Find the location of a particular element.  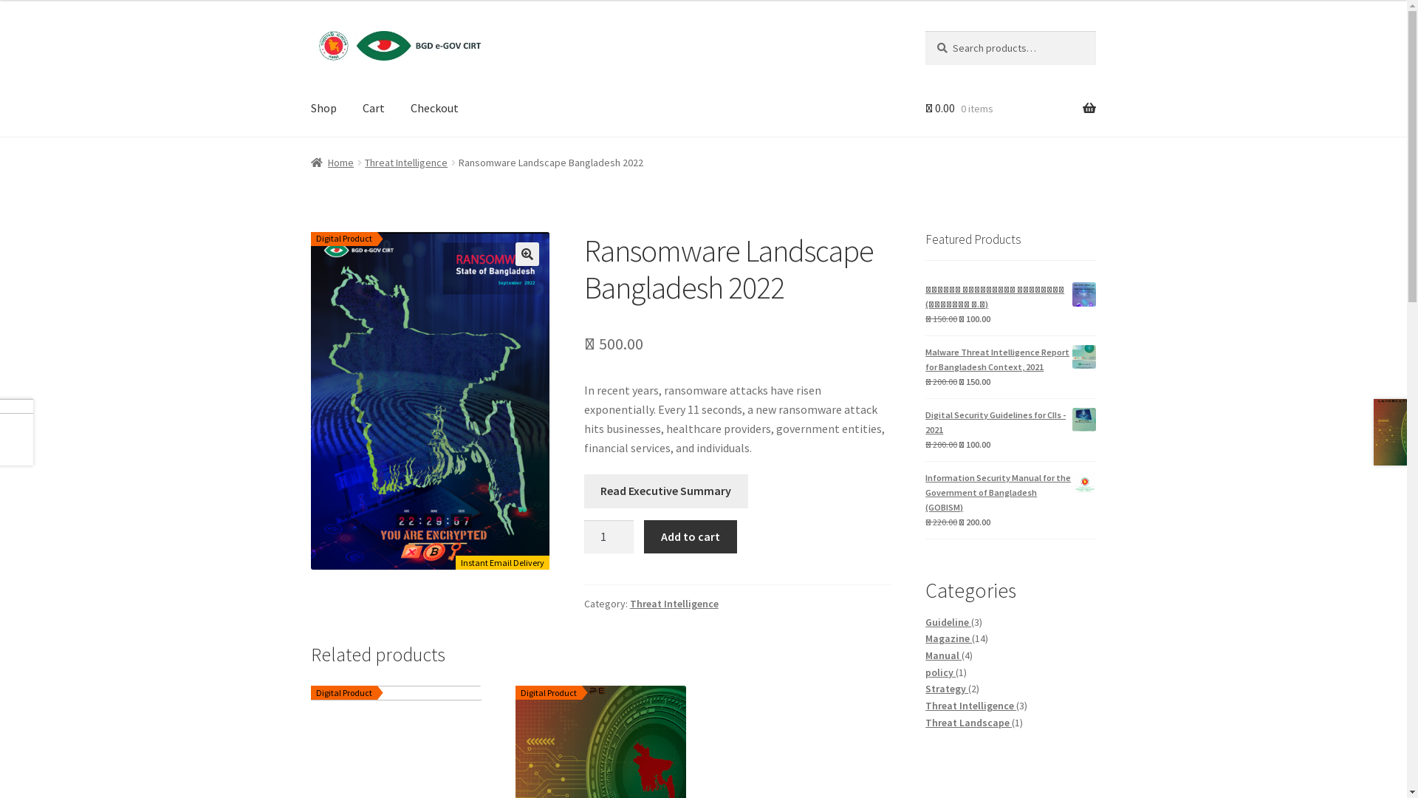

'Read Executive Summary' is located at coordinates (665, 491).